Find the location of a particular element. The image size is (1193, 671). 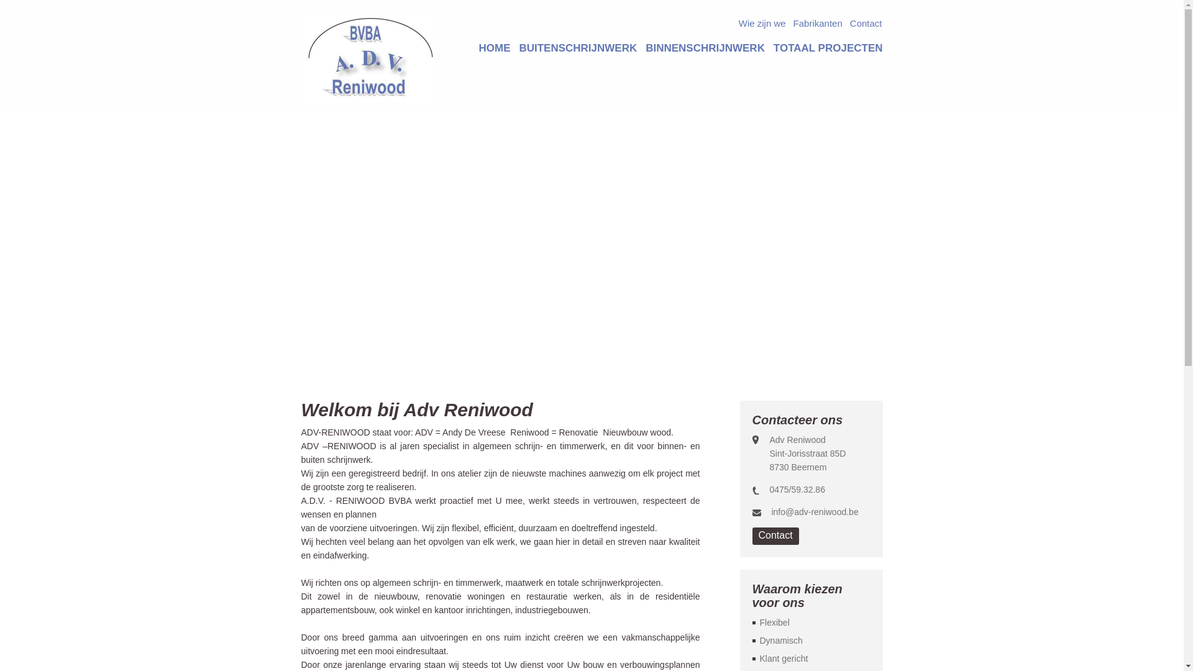

'Wie zijn we' is located at coordinates (738, 25).